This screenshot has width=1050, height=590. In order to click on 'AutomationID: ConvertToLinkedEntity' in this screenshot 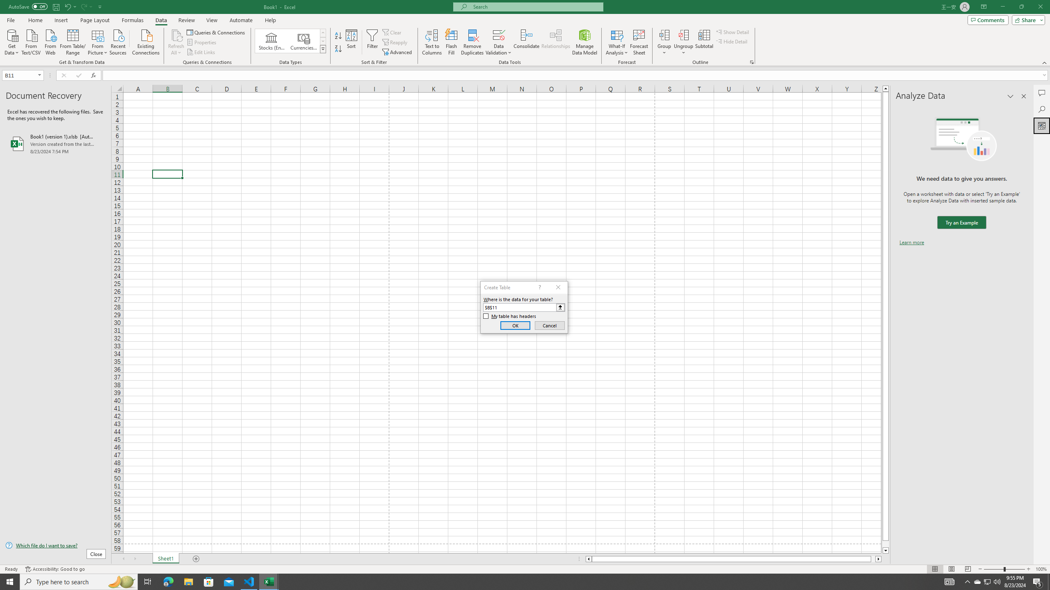, I will do `click(291, 41)`.